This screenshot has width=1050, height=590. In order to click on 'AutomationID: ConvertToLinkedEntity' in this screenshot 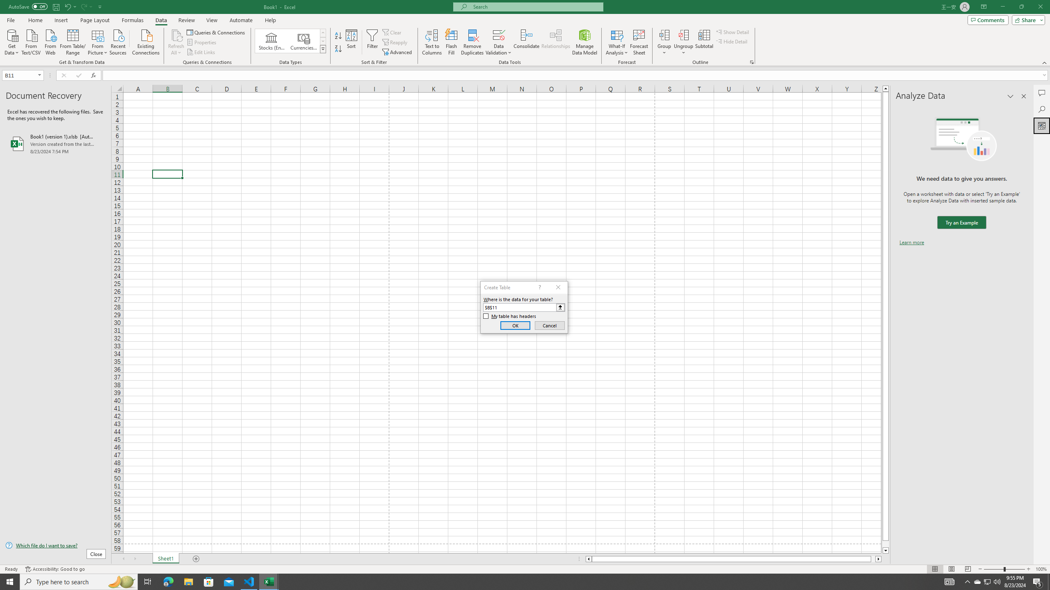, I will do `click(291, 41)`.